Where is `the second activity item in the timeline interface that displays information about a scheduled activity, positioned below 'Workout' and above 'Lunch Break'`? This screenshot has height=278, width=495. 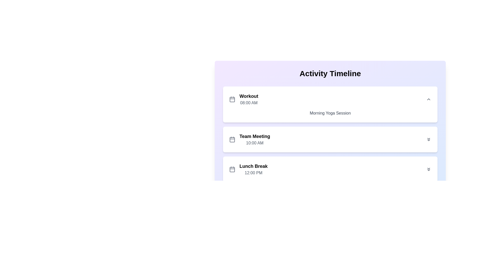
the second activity item in the timeline interface that displays information about a scheduled activity, positioned below 'Workout' and above 'Lunch Break' is located at coordinates (255, 140).